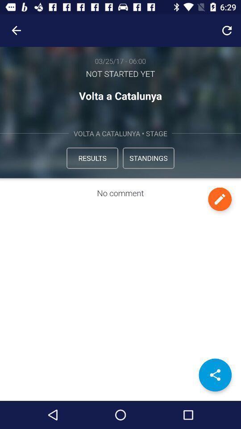 The image size is (241, 429). I want to click on item below volta a catalunya item, so click(91, 158).